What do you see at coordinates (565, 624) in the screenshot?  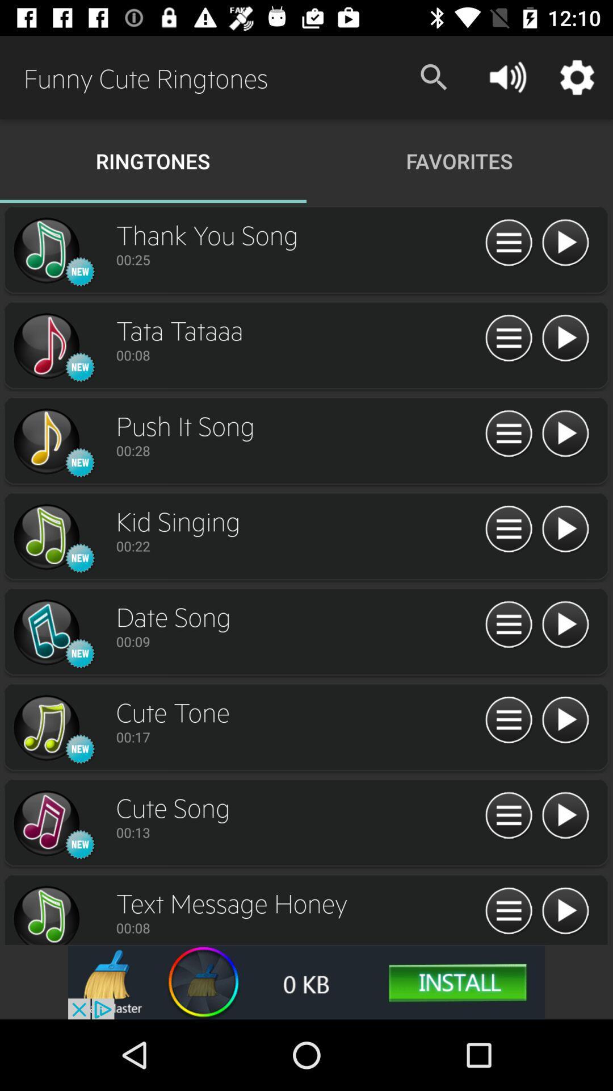 I see `sound` at bounding box center [565, 624].